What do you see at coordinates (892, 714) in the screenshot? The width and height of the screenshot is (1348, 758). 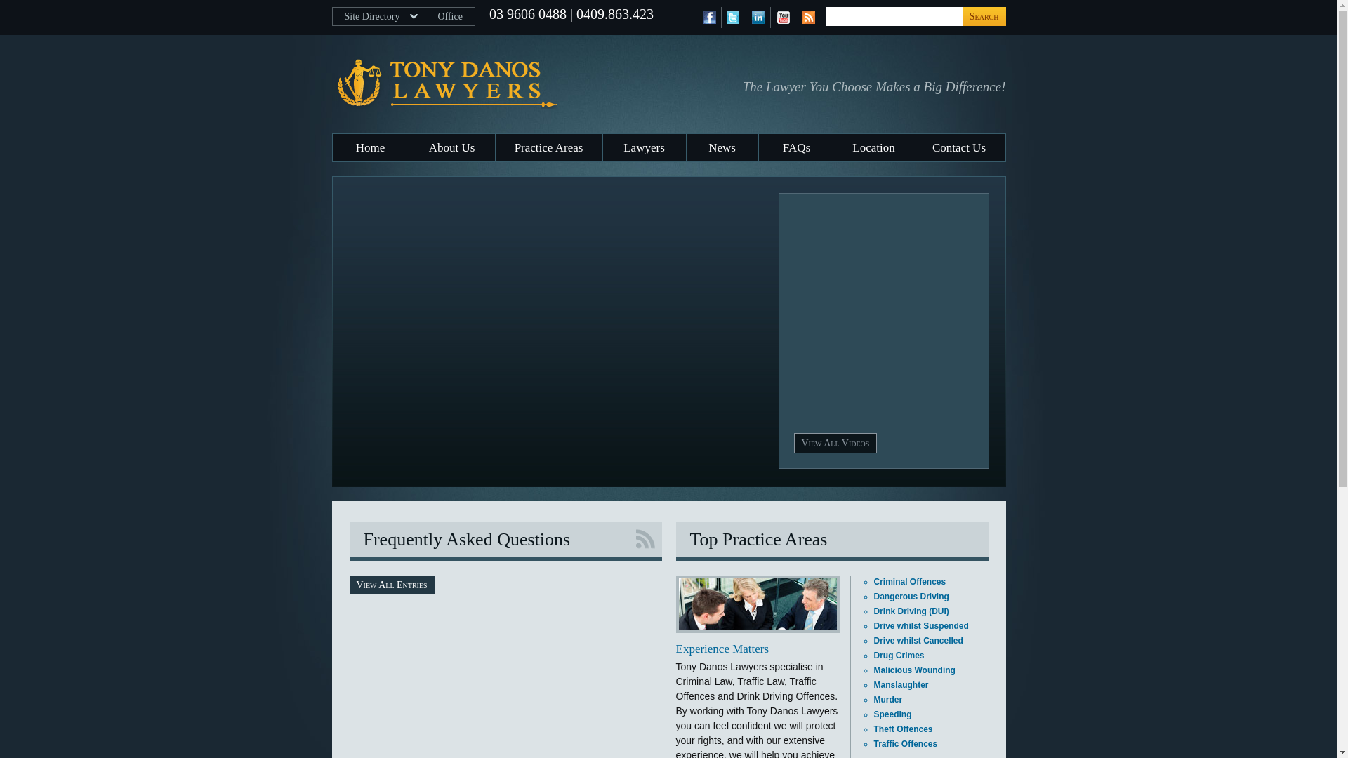 I see `'Speeding'` at bounding box center [892, 714].